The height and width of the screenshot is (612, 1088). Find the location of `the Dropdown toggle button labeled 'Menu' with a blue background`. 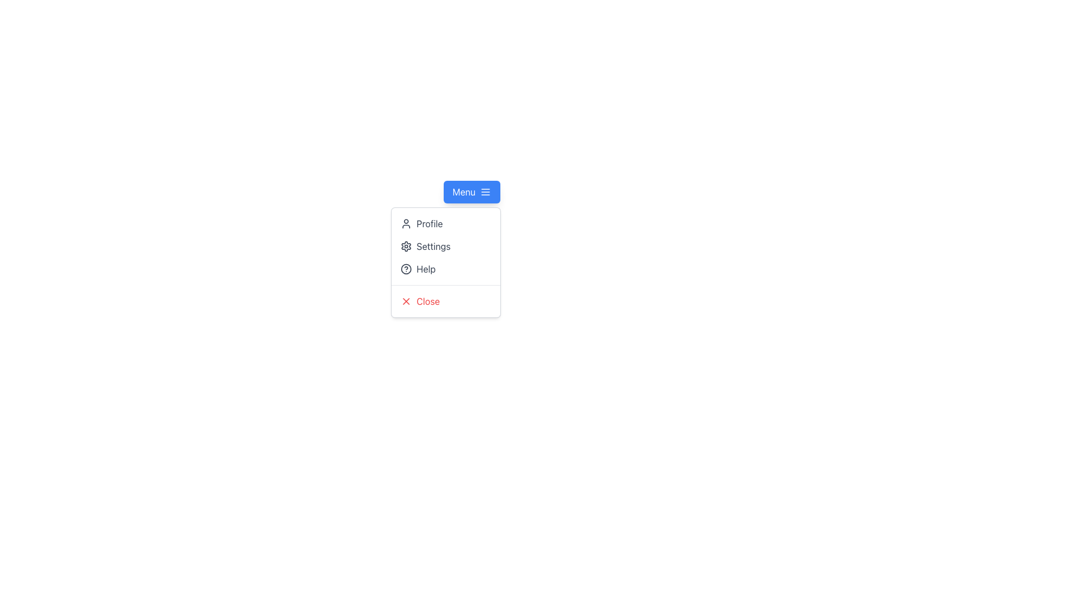

the Dropdown toggle button labeled 'Menu' with a blue background is located at coordinates (471, 192).